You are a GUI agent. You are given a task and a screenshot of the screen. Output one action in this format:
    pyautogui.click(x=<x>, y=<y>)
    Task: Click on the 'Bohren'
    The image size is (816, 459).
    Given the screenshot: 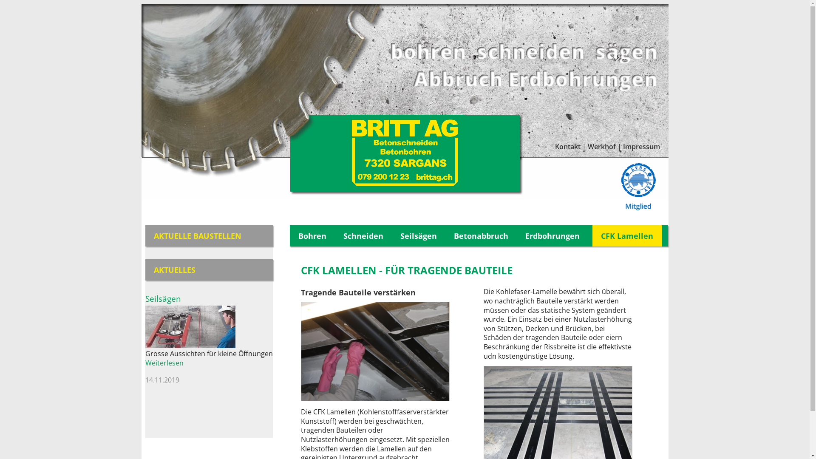 What is the action you would take?
    pyautogui.click(x=289, y=236)
    